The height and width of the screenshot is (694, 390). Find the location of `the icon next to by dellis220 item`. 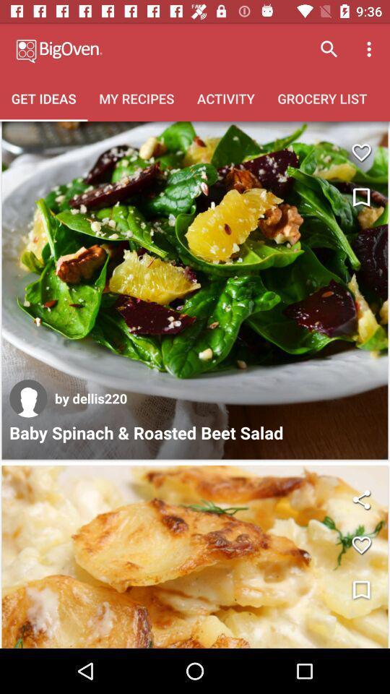

the icon next to by dellis220 item is located at coordinates (28, 398).